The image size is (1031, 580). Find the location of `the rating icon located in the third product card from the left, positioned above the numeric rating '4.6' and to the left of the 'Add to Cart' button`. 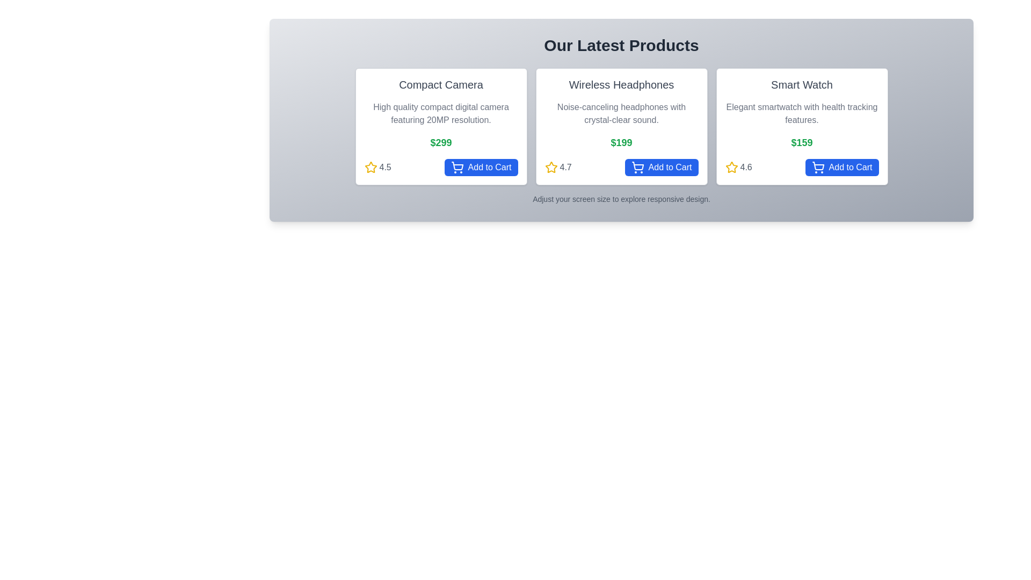

the rating icon located in the third product card from the left, positioned above the numeric rating '4.6' and to the left of the 'Add to Cart' button is located at coordinates (731, 167).